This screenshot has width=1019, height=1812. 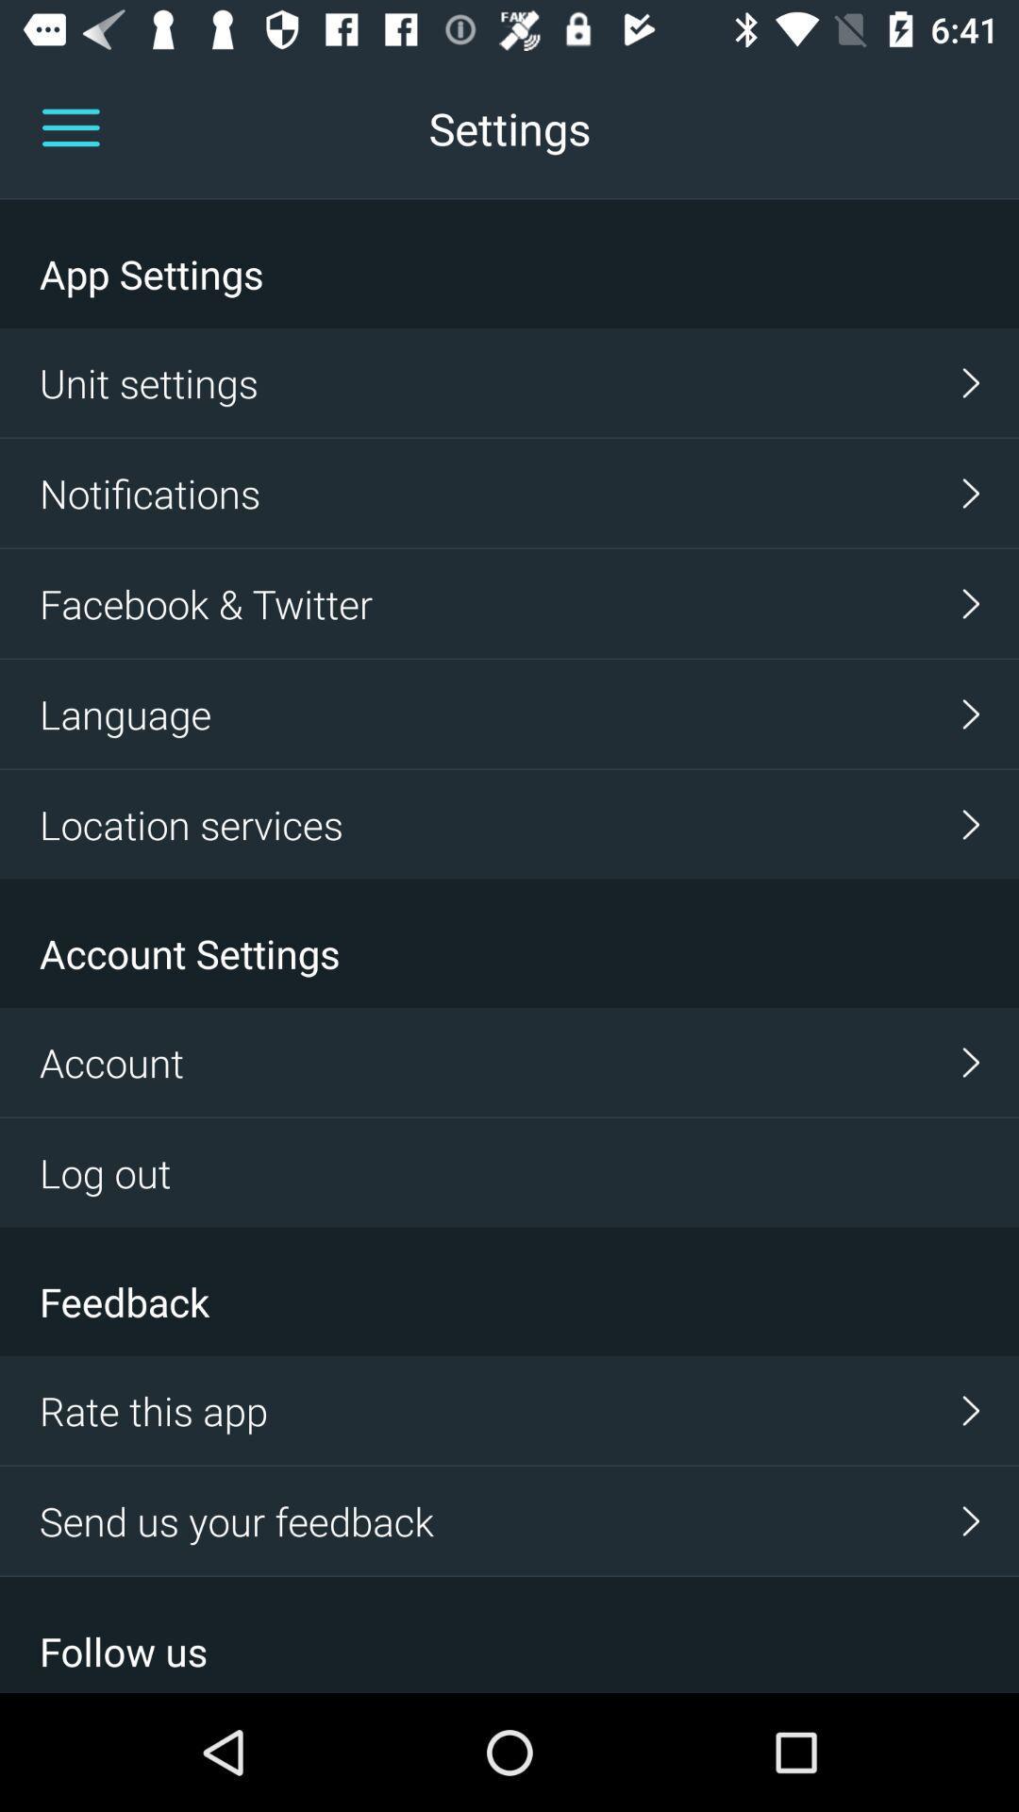 I want to click on the menu icon, so click(x=70, y=127).